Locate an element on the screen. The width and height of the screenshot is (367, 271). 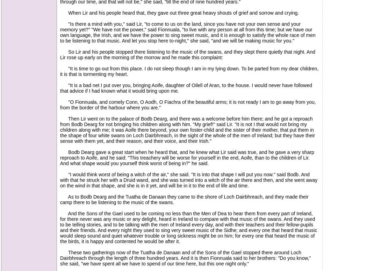
'"Is there a mind with you," said Lir, "to come to us on the land, since you have not your own sense and your memory yet?" "We have not the power," said Fionnuala, "to live with any person at all from this time; but we have our own language, the Irish, and we have the power to sing sweet music, and it is enough to satisfy the whole race of men to be listening to that music. And let you stop here to-night," she said, "and we will be making music for you."' is located at coordinates (187, 32).